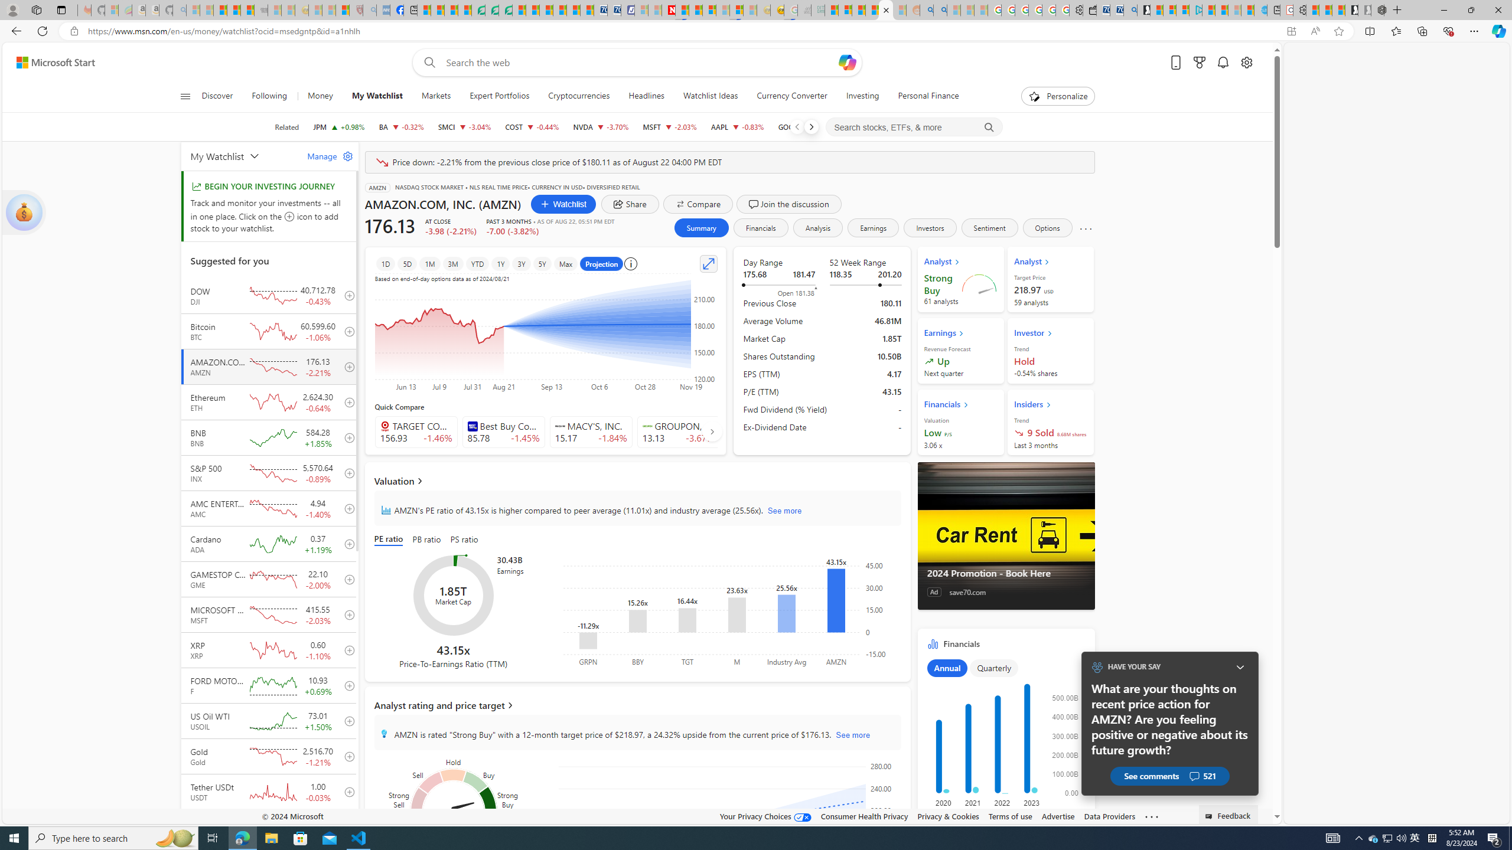  Describe the element at coordinates (927, 96) in the screenshot. I see `'Personal Finance'` at that location.